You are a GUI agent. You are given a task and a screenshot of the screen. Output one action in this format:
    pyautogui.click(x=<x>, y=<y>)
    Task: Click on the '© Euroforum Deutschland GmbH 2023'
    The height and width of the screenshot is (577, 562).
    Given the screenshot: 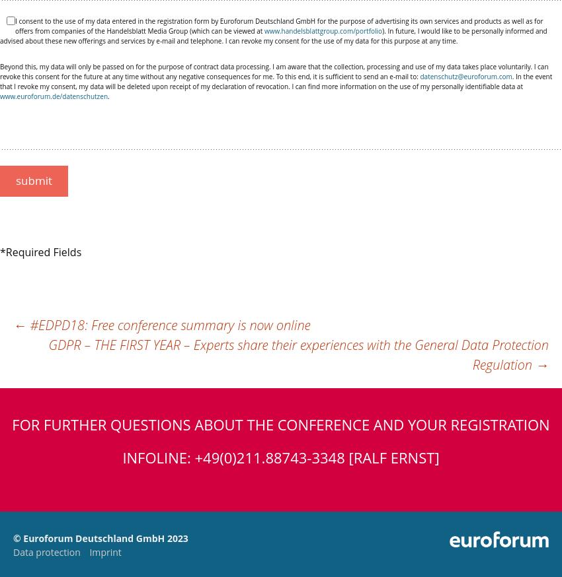 What is the action you would take?
    pyautogui.click(x=12, y=538)
    